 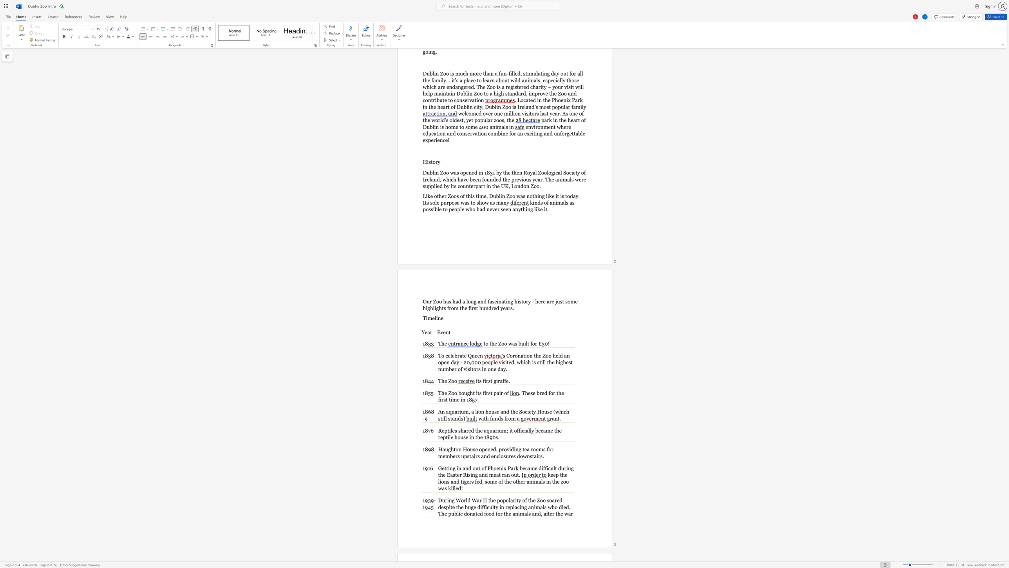 I want to click on the subset text "ty in replacing animals who died. The public donated" within the text "During World War II the popularity of the Zoo soared despite the huge difficulty in replacing animals who died. The public donated", so click(x=494, y=507).